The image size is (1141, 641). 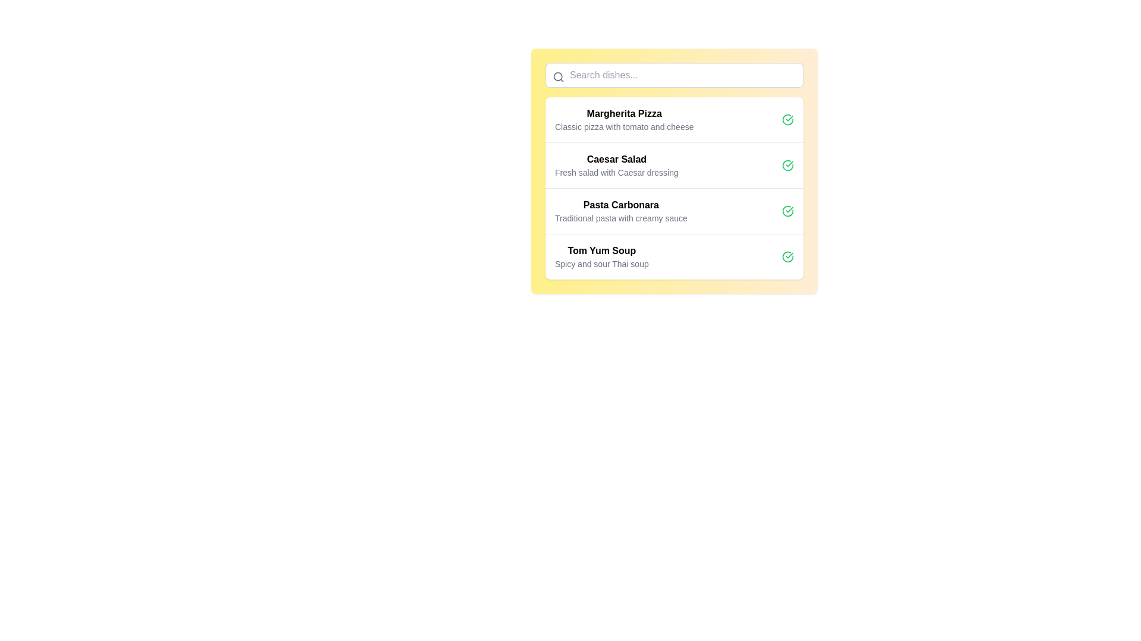 I want to click on the text block providing information about a specific dish, which is the third item in a vertically stacked list, located between 'Caesar Salad' and 'Tom Yum Soup', so click(x=620, y=210).